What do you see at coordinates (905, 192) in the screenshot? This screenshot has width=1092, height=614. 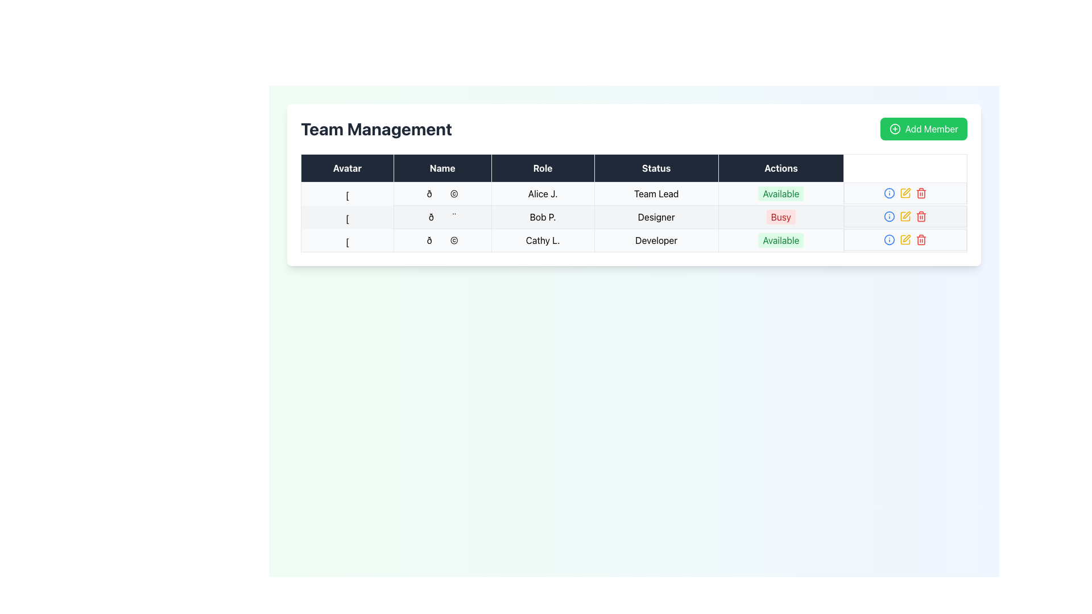 I see `the edit button located in the 'Actions' column for the member 'Alice J.' to initiate the edit action` at bounding box center [905, 192].